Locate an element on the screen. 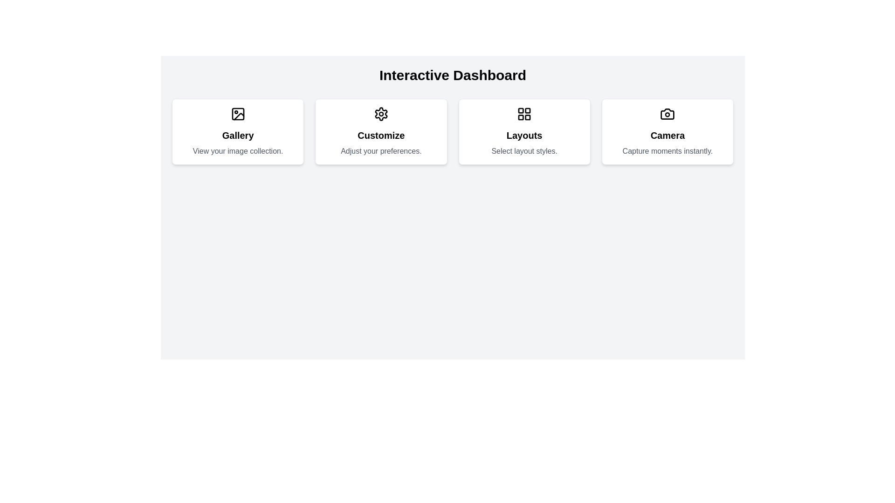  the 'Customize' text label, which serves as the title for the Customize feature, located in the center card of the interface is located at coordinates (381, 135).